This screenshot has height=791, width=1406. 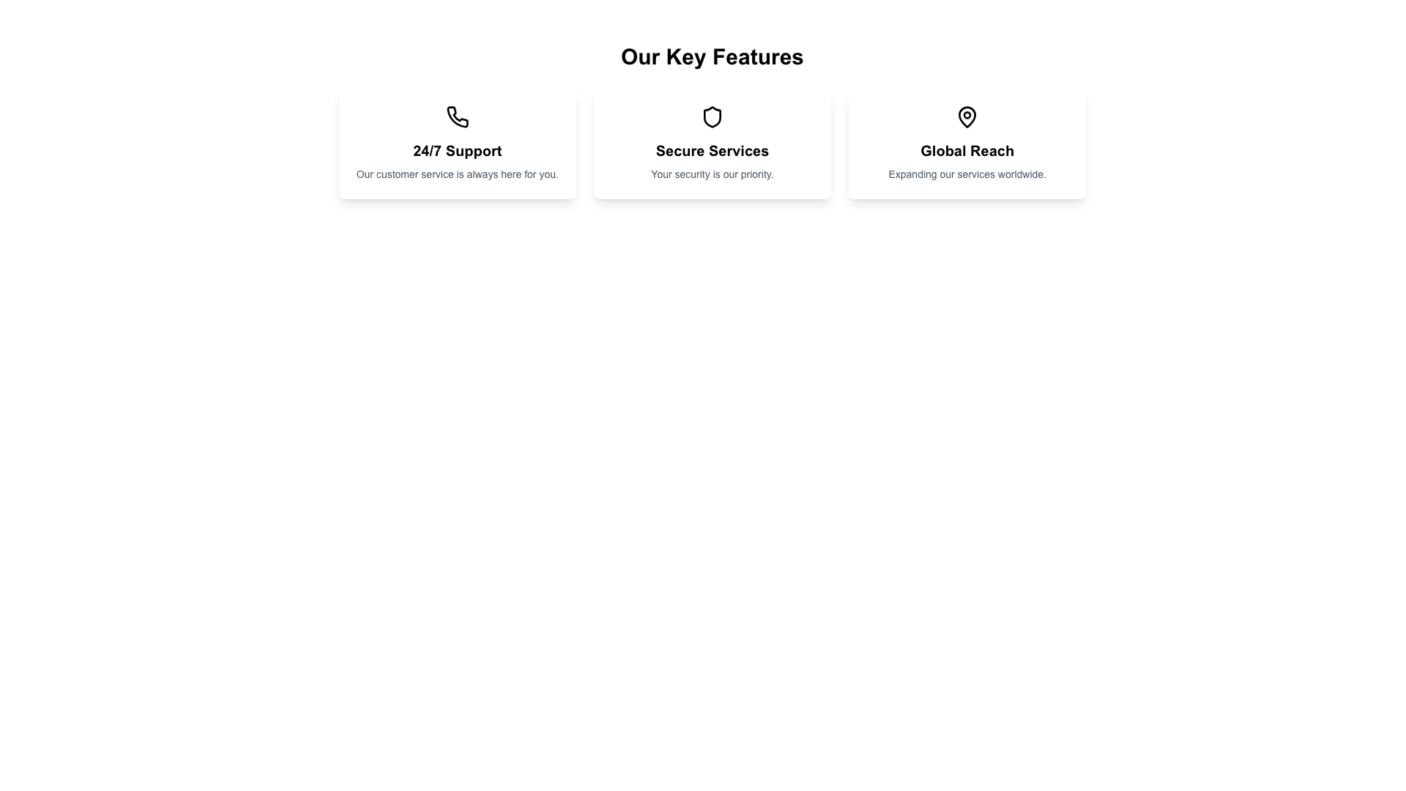 I want to click on text header labeled 'Our Key Features' which is styled in bold and positioned at the top of the features section, so click(x=713, y=56).